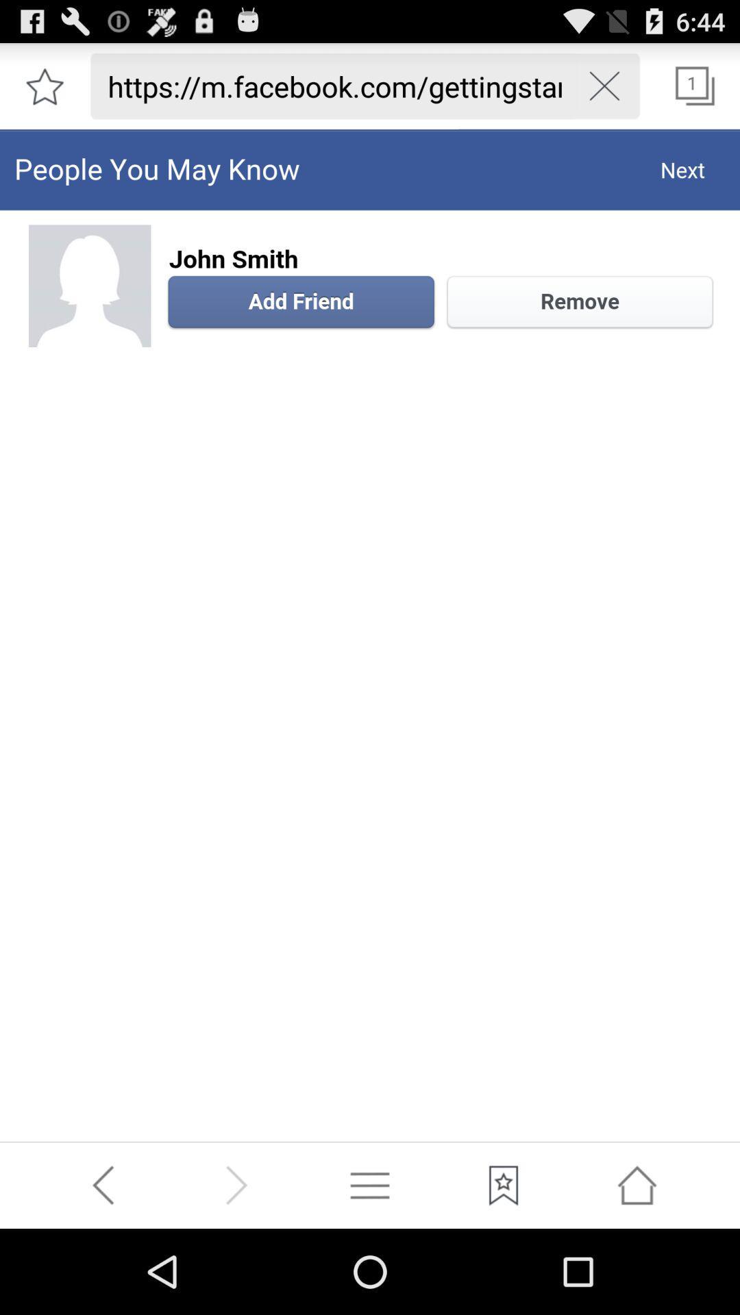 The width and height of the screenshot is (740, 1315). I want to click on the star icon, so click(44, 91).